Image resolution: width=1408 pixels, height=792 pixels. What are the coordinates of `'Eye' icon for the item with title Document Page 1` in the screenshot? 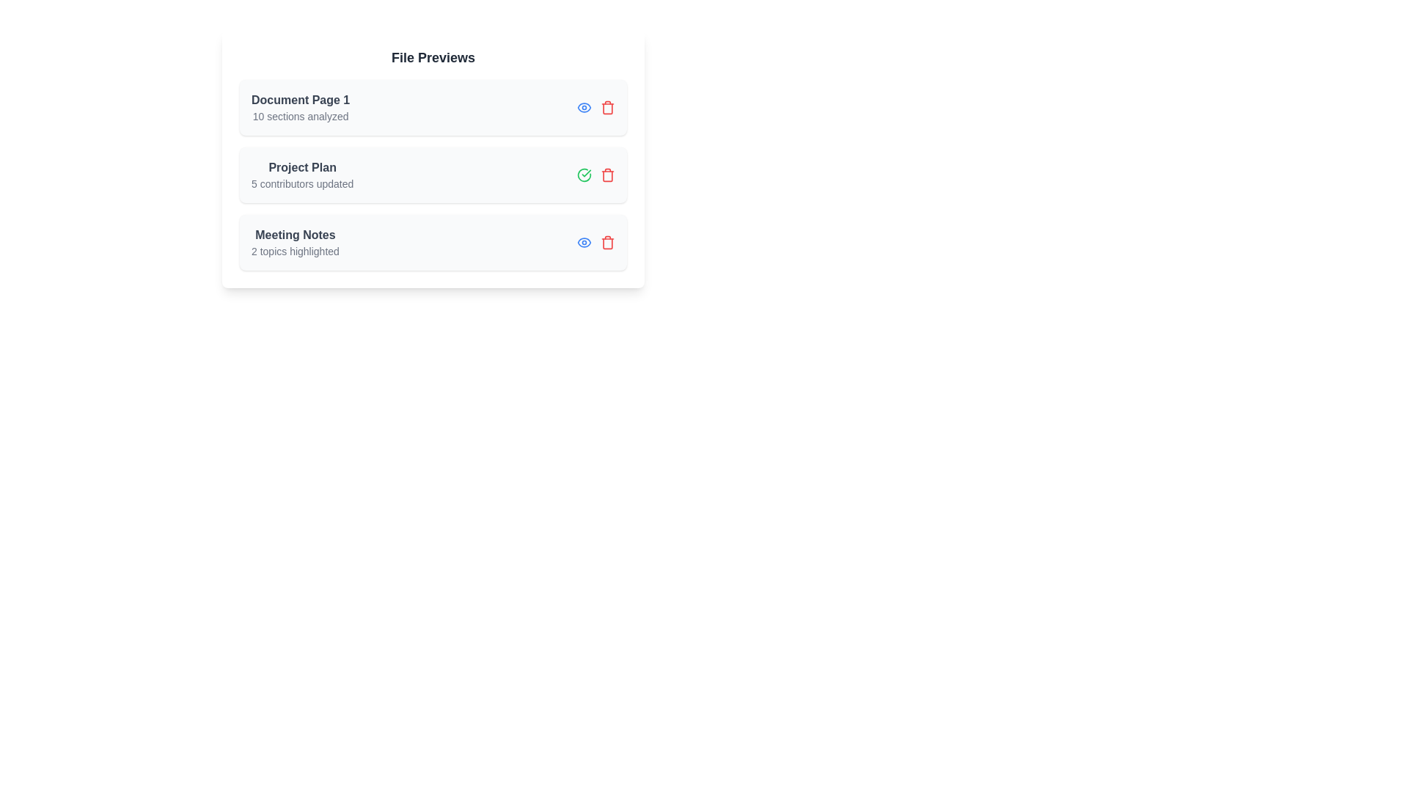 It's located at (583, 106).